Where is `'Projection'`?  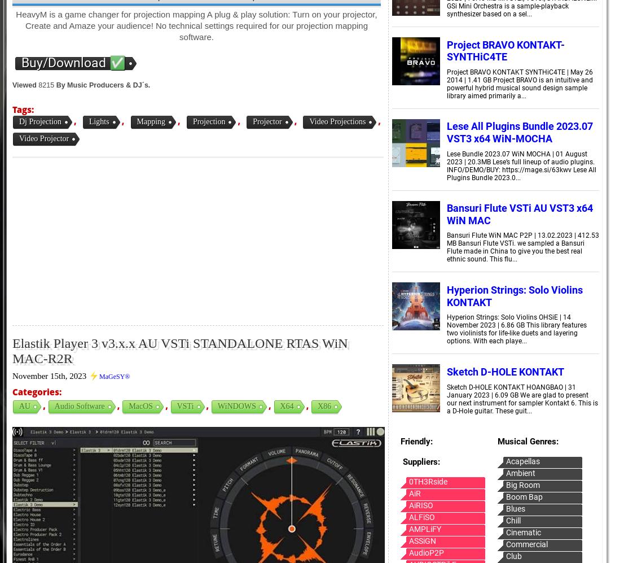 'Projection' is located at coordinates (208, 121).